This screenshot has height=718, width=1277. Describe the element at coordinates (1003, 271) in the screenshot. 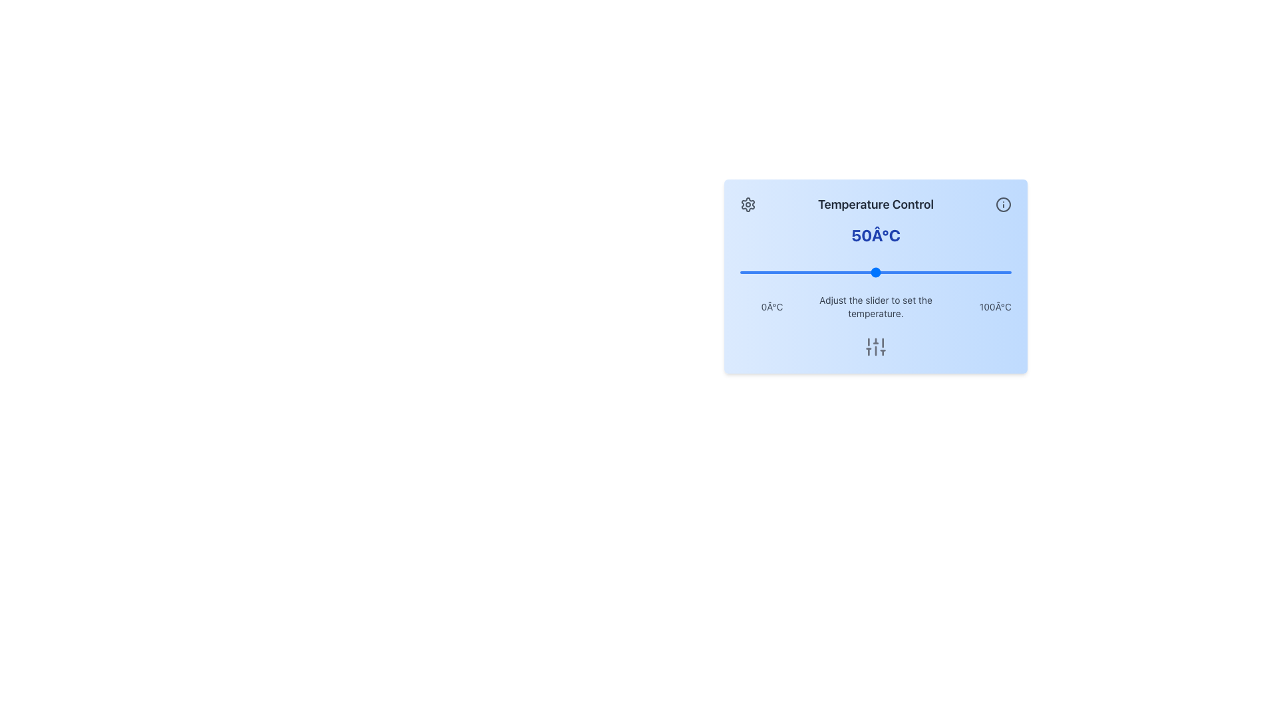

I see `temperature` at that location.